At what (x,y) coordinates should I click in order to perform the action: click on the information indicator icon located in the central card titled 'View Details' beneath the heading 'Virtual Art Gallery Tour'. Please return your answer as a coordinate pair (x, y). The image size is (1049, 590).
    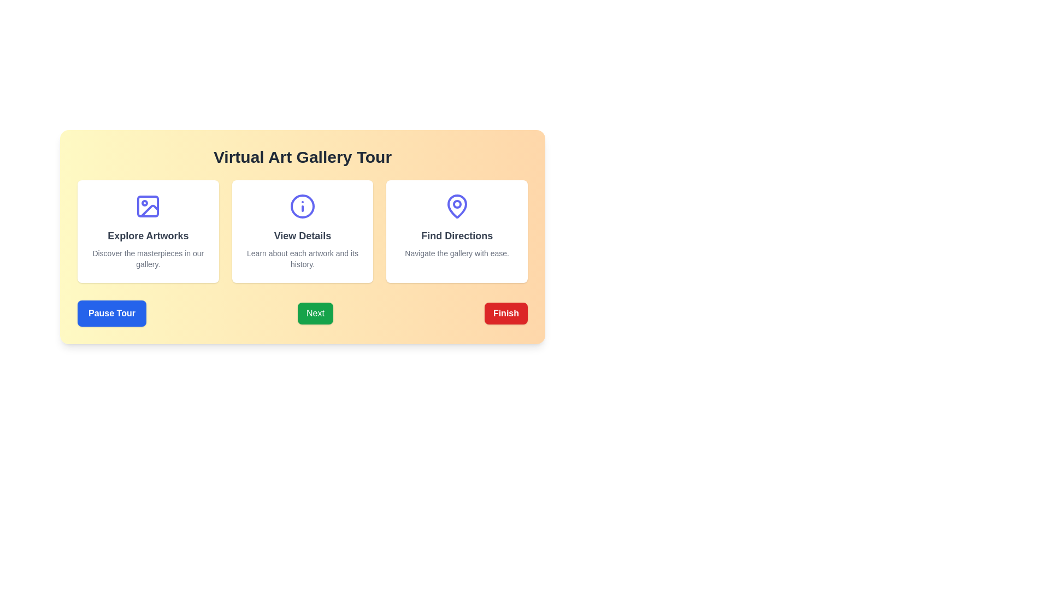
    Looking at the image, I should click on (302, 206).